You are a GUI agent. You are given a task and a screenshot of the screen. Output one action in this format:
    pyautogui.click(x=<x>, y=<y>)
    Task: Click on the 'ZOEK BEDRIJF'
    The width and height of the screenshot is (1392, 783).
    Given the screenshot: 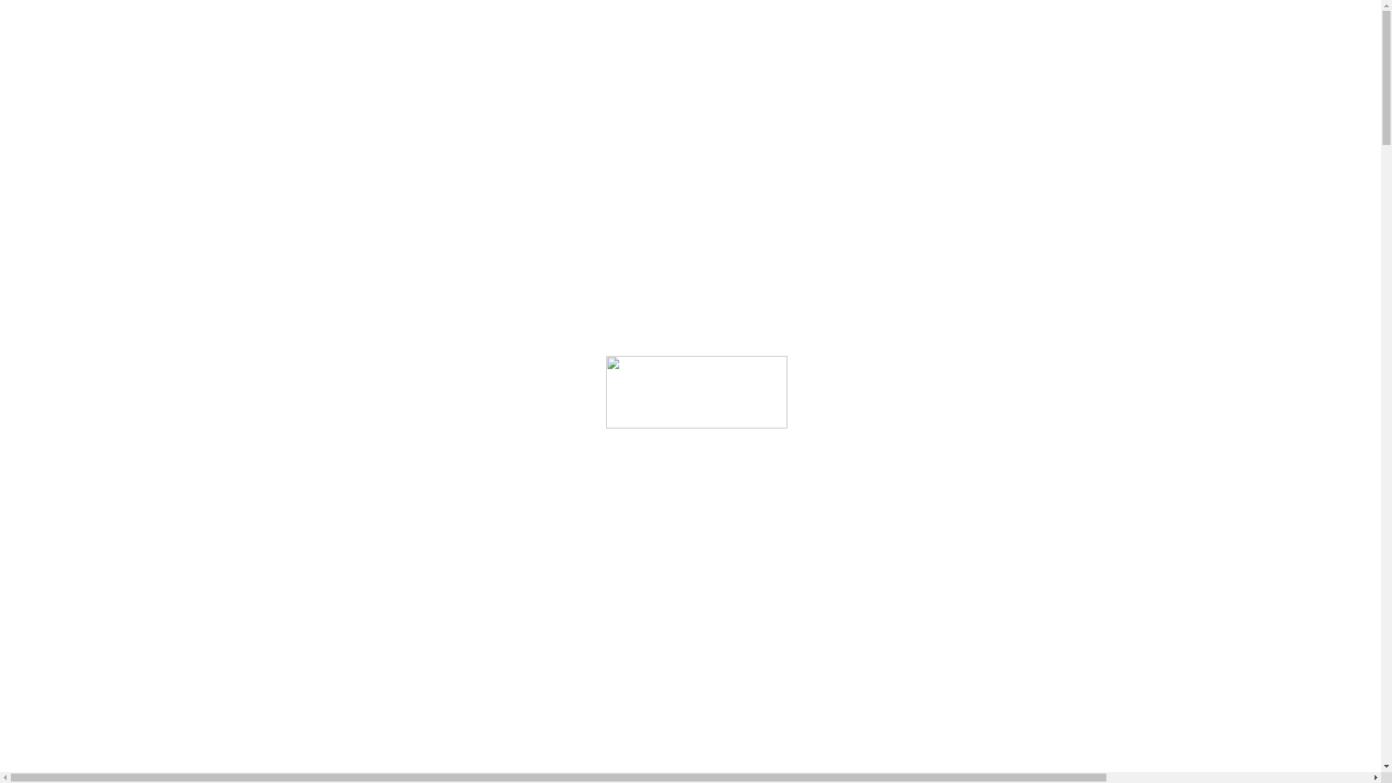 What is the action you would take?
    pyautogui.click(x=72, y=75)
    